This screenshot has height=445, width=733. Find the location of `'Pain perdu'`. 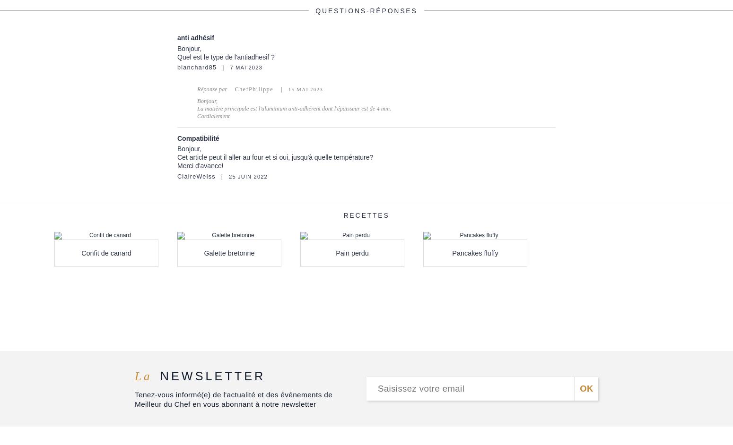

'Pain perdu' is located at coordinates (352, 252).